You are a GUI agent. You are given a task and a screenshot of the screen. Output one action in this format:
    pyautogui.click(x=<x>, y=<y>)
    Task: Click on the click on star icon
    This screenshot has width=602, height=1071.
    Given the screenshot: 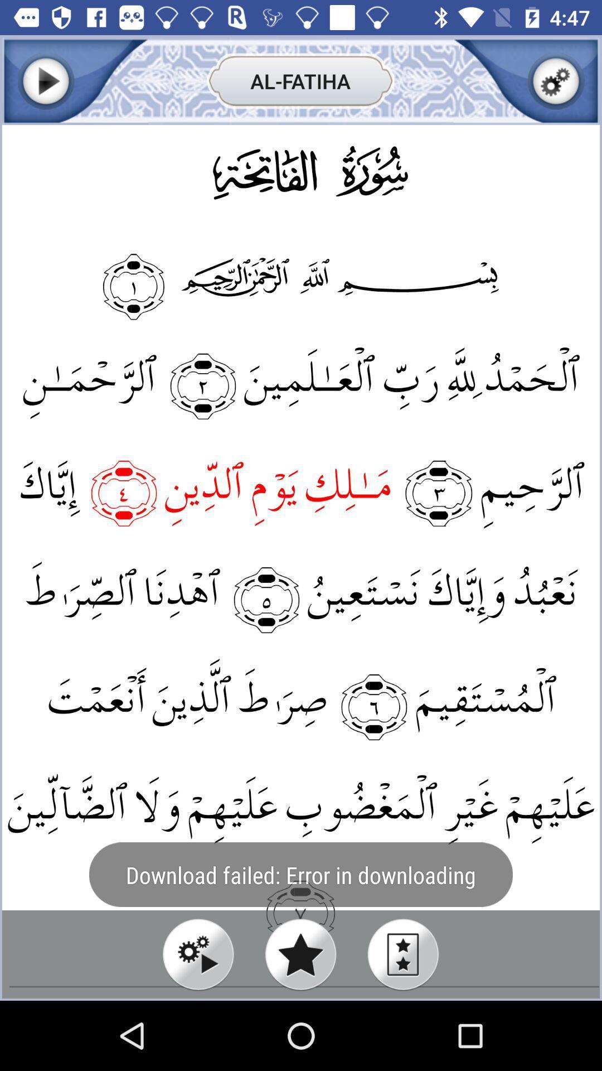 What is the action you would take?
    pyautogui.click(x=300, y=954)
    